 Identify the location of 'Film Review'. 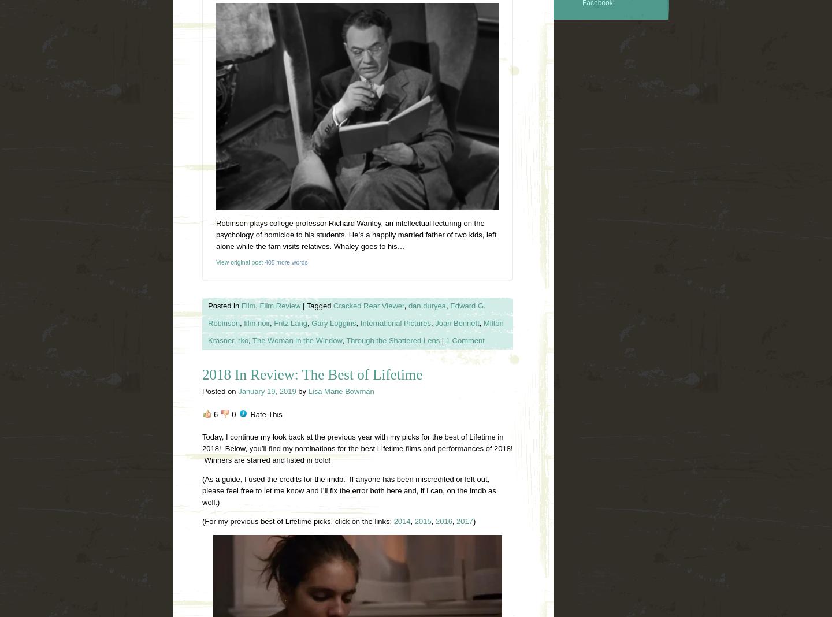
(259, 305).